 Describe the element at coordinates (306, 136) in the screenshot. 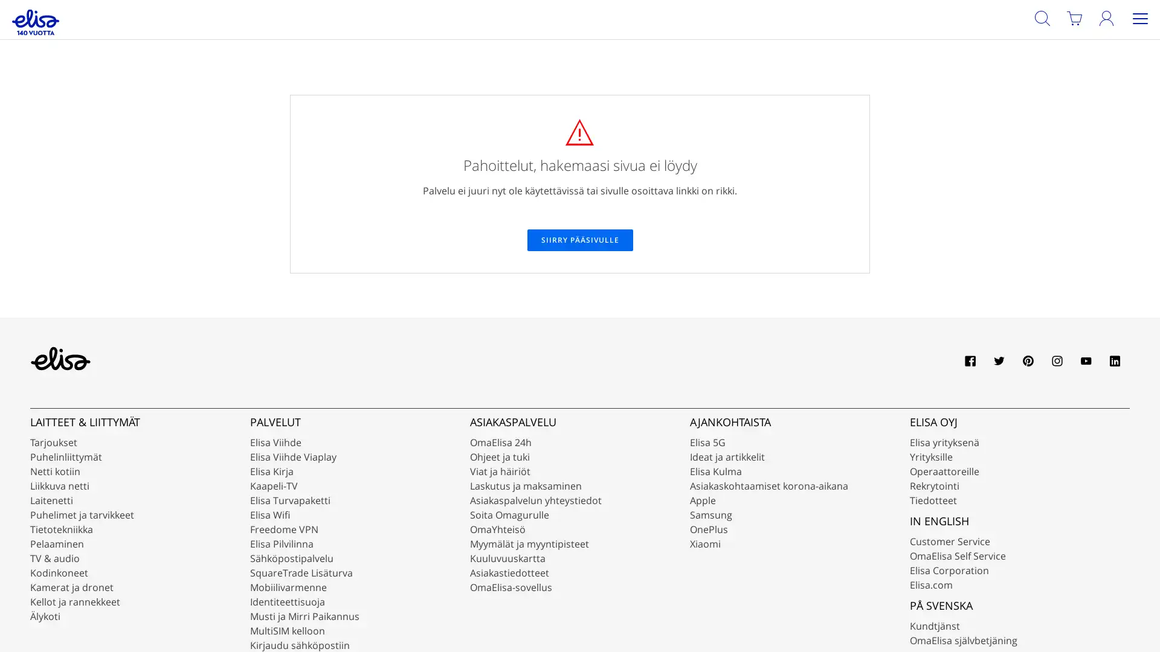

I see `Jatka ostoksia` at that location.